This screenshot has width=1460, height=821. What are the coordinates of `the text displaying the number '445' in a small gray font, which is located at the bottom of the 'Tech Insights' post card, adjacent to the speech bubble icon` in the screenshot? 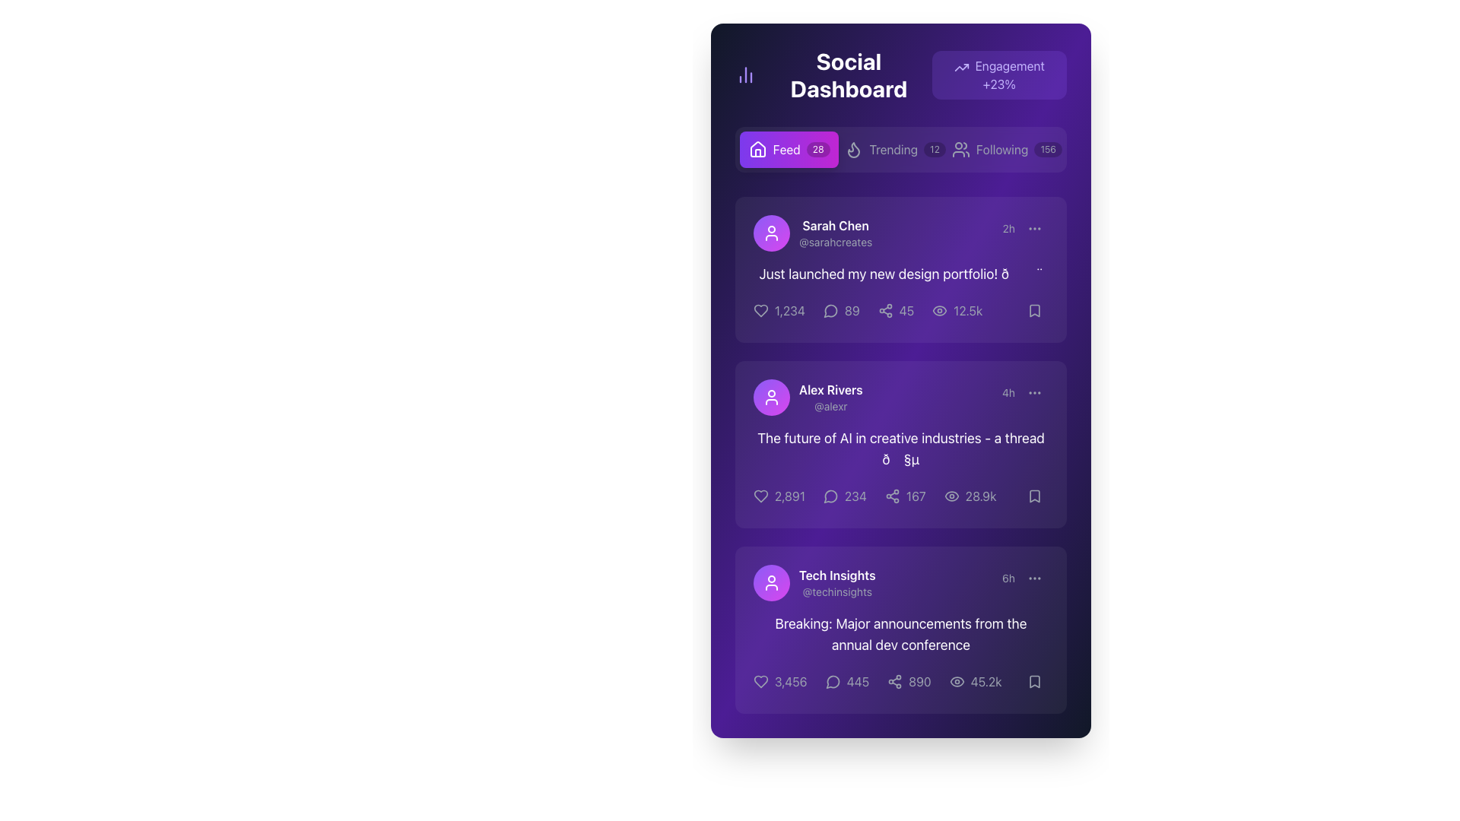 It's located at (858, 681).